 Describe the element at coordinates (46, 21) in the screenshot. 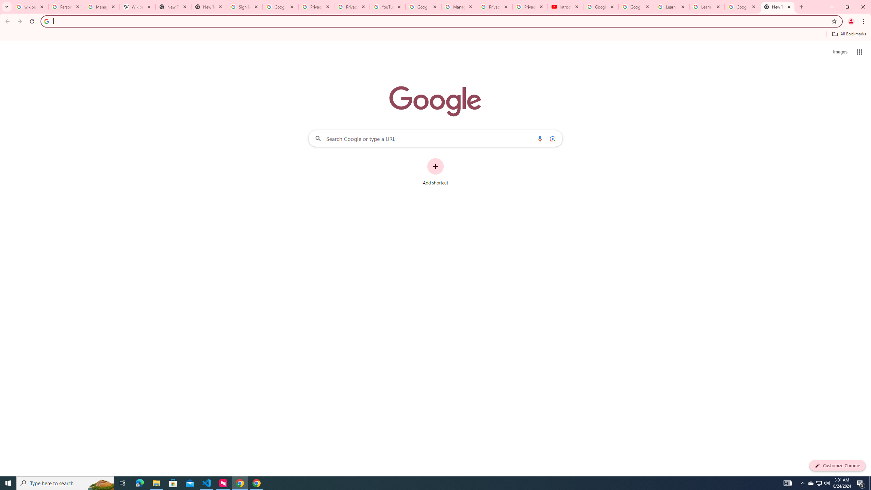

I see `'Search icon'` at that location.